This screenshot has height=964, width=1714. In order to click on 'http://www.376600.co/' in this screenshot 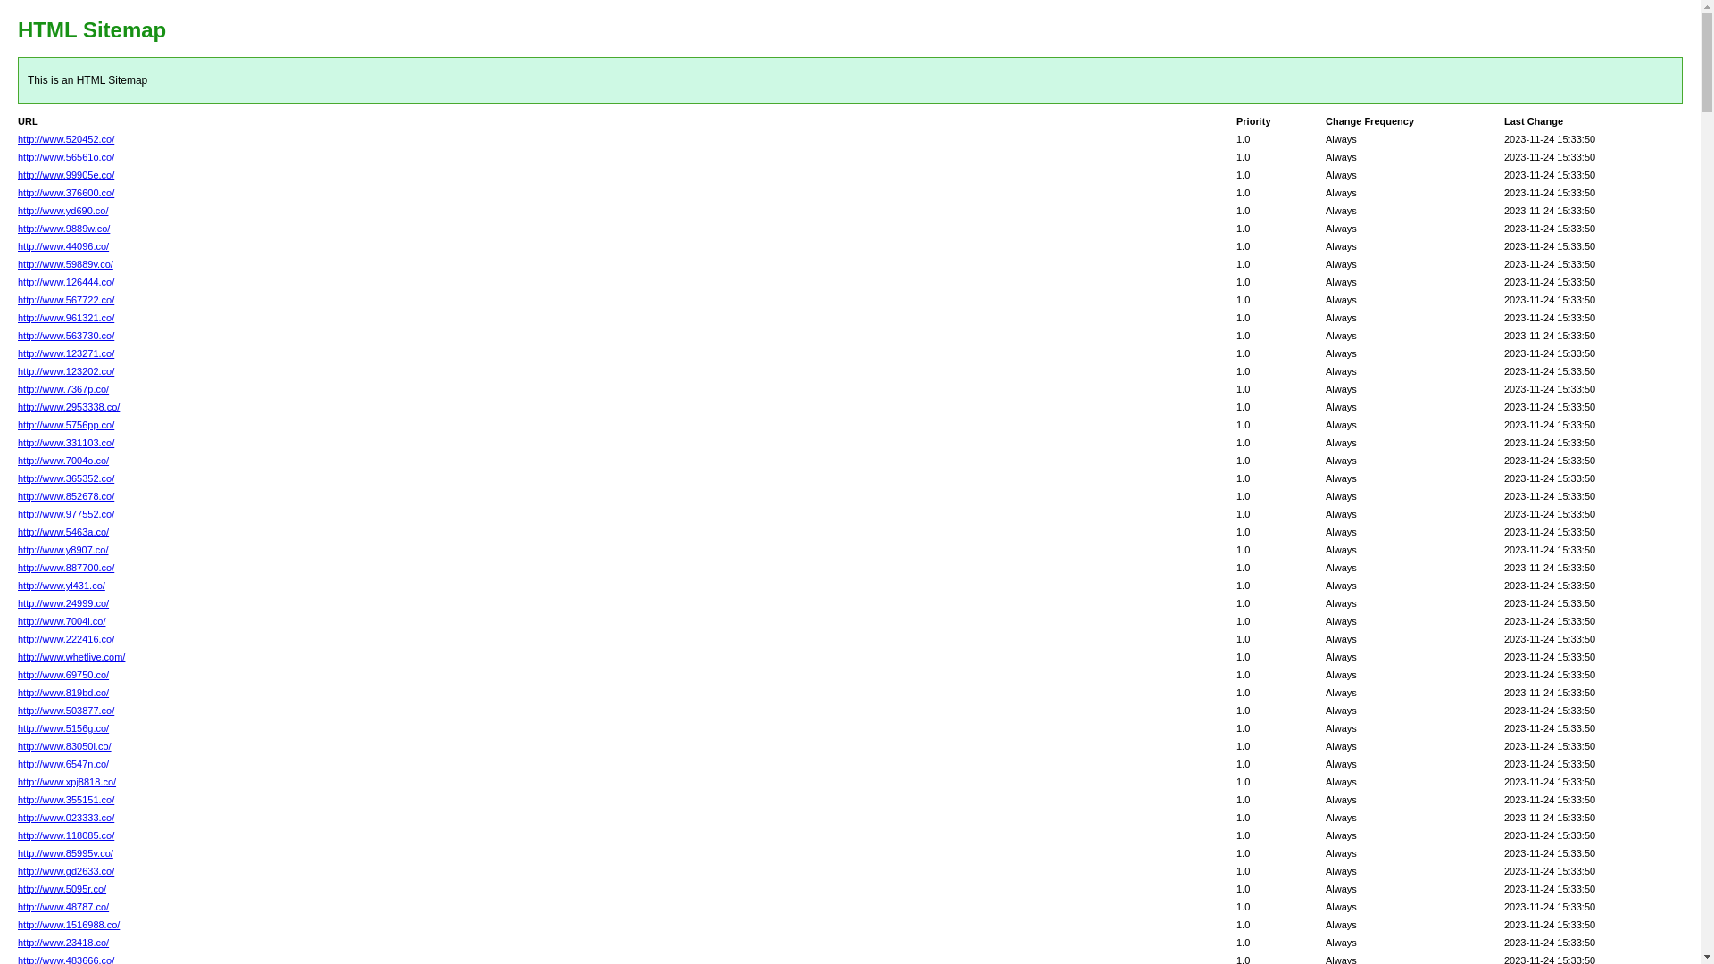, I will do `click(65, 193)`.